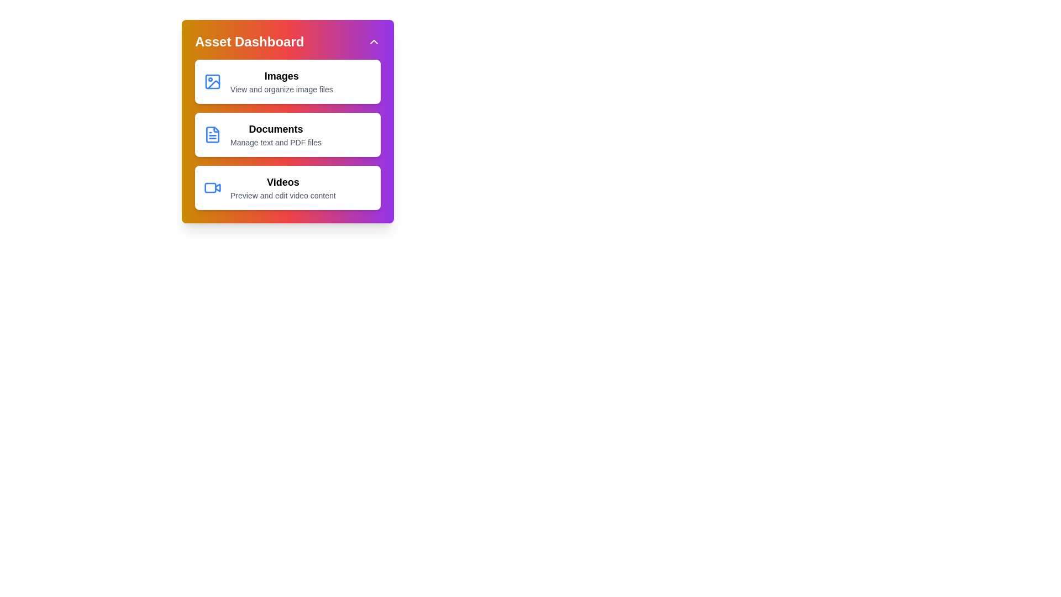  Describe the element at coordinates (288, 81) in the screenshot. I see `the media item corresponding to Images` at that location.